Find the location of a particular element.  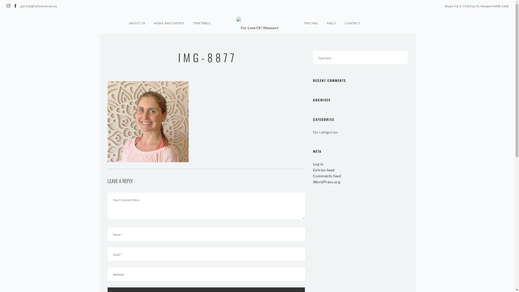

'PRICING' is located at coordinates (311, 20).